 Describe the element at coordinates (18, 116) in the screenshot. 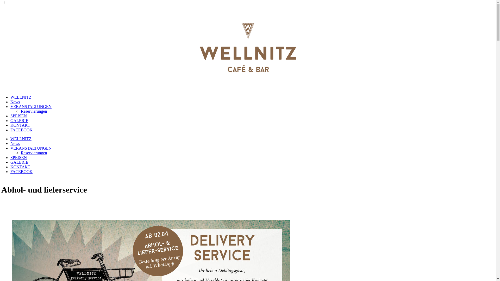

I see `'SPEISEN'` at that location.